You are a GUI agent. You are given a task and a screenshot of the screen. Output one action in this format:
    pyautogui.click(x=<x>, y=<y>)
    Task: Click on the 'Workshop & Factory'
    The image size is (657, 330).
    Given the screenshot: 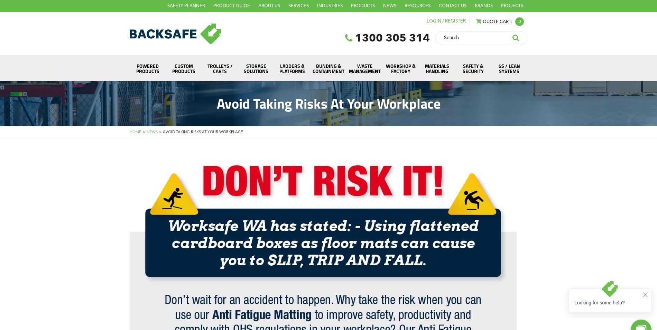 What is the action you would take?
    pyautogui.click(x=401, y=68)
    